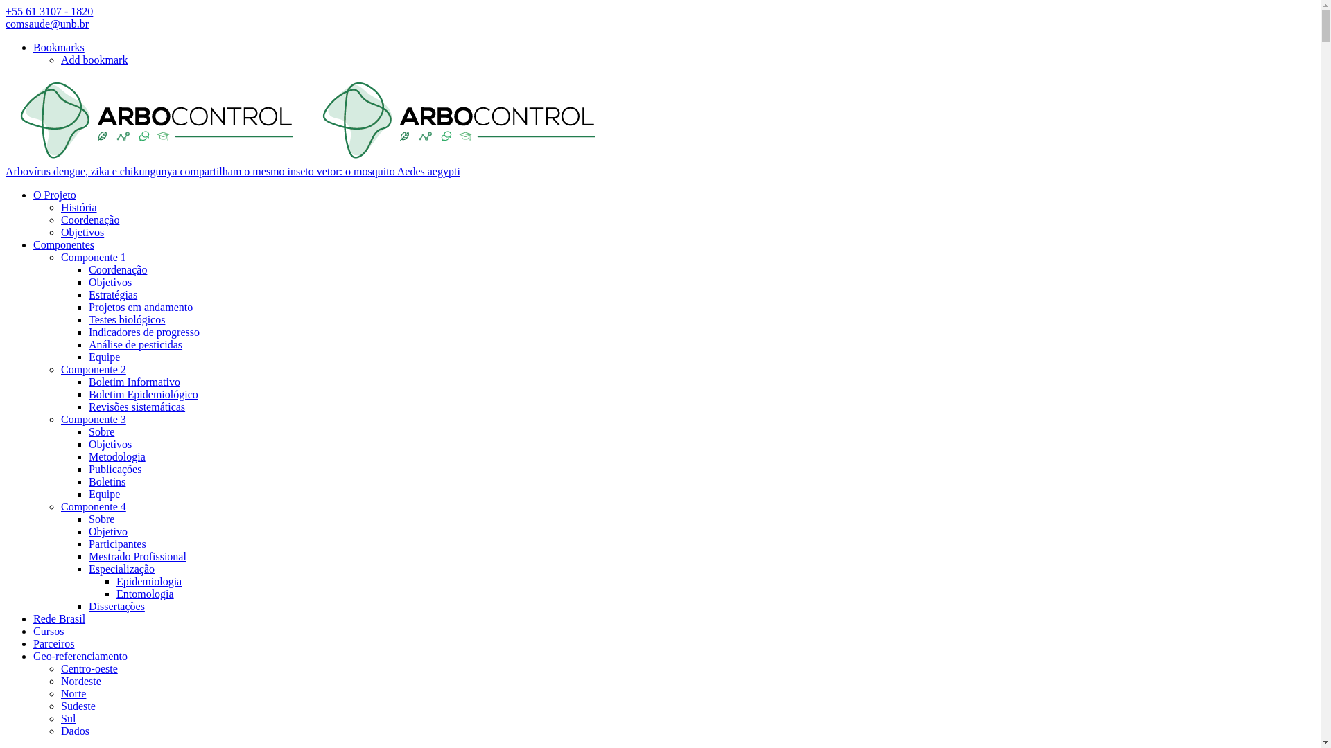 The image size is (1331, 748). I want to click on 'Centro-oeste', so click(89, 668).